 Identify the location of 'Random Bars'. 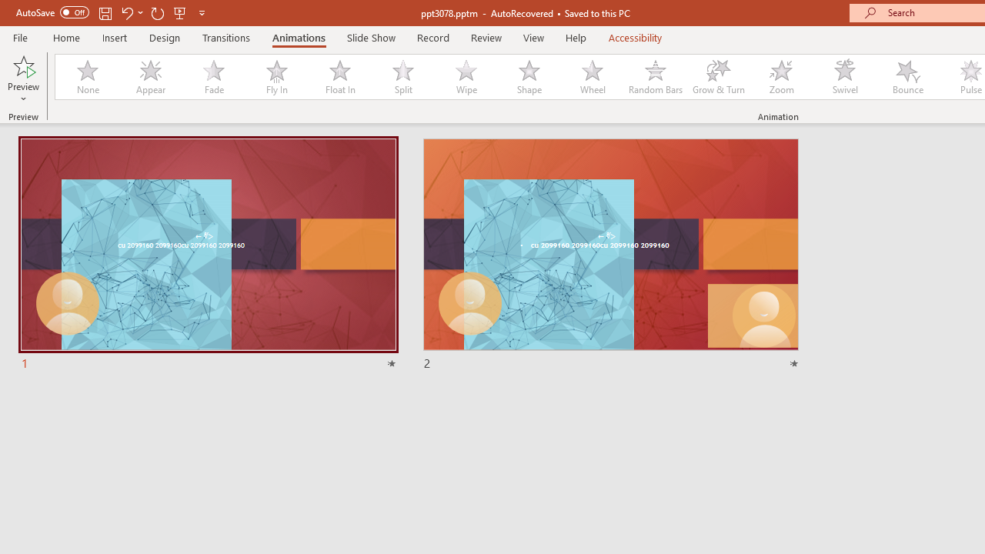
(656, 77).